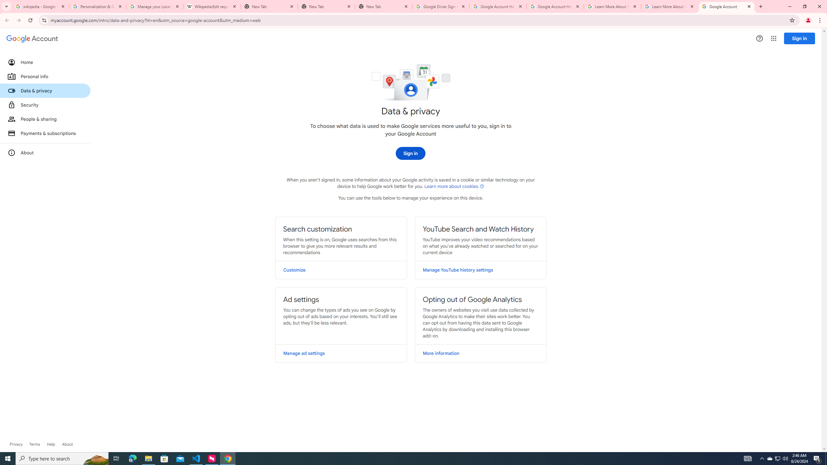 The image size is (827, 465). I want to click on 'People & sharing', so click(45, 119).